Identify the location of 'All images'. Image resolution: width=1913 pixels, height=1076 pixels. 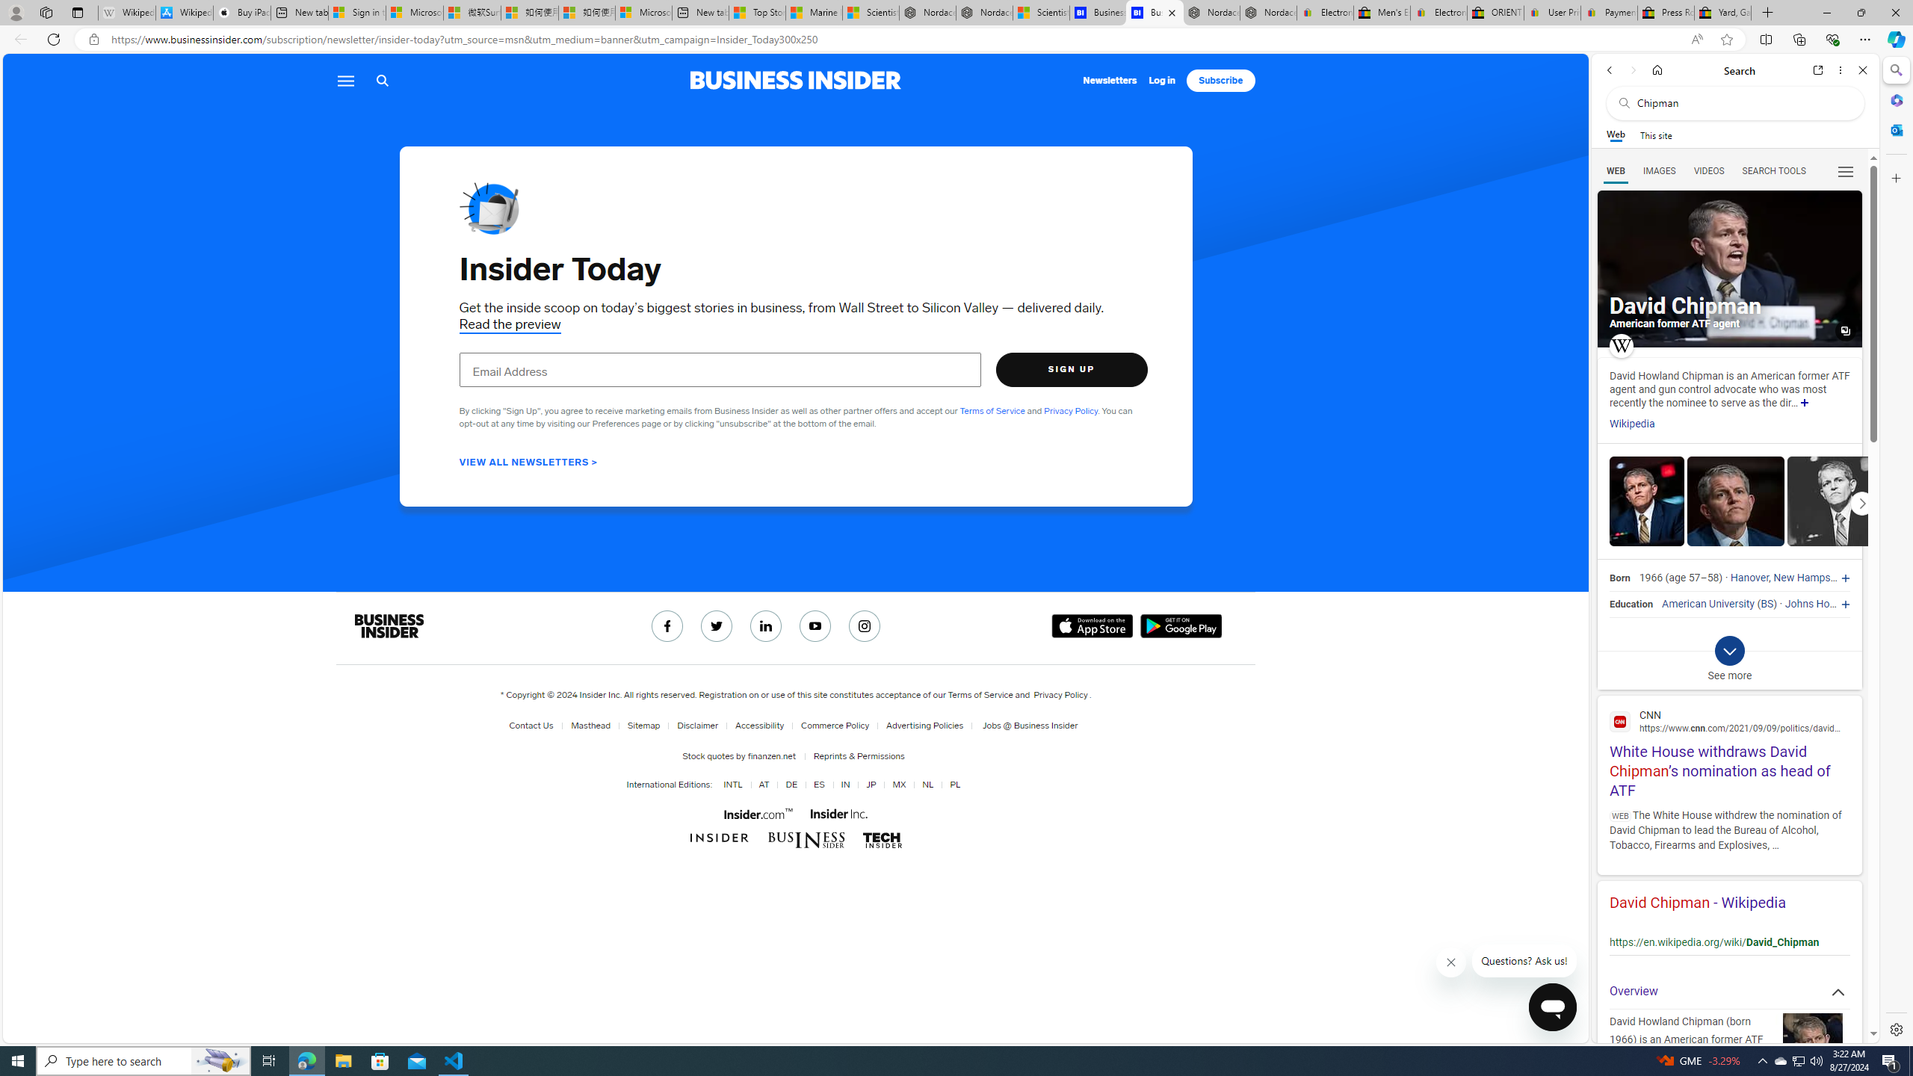
(1729, 269).